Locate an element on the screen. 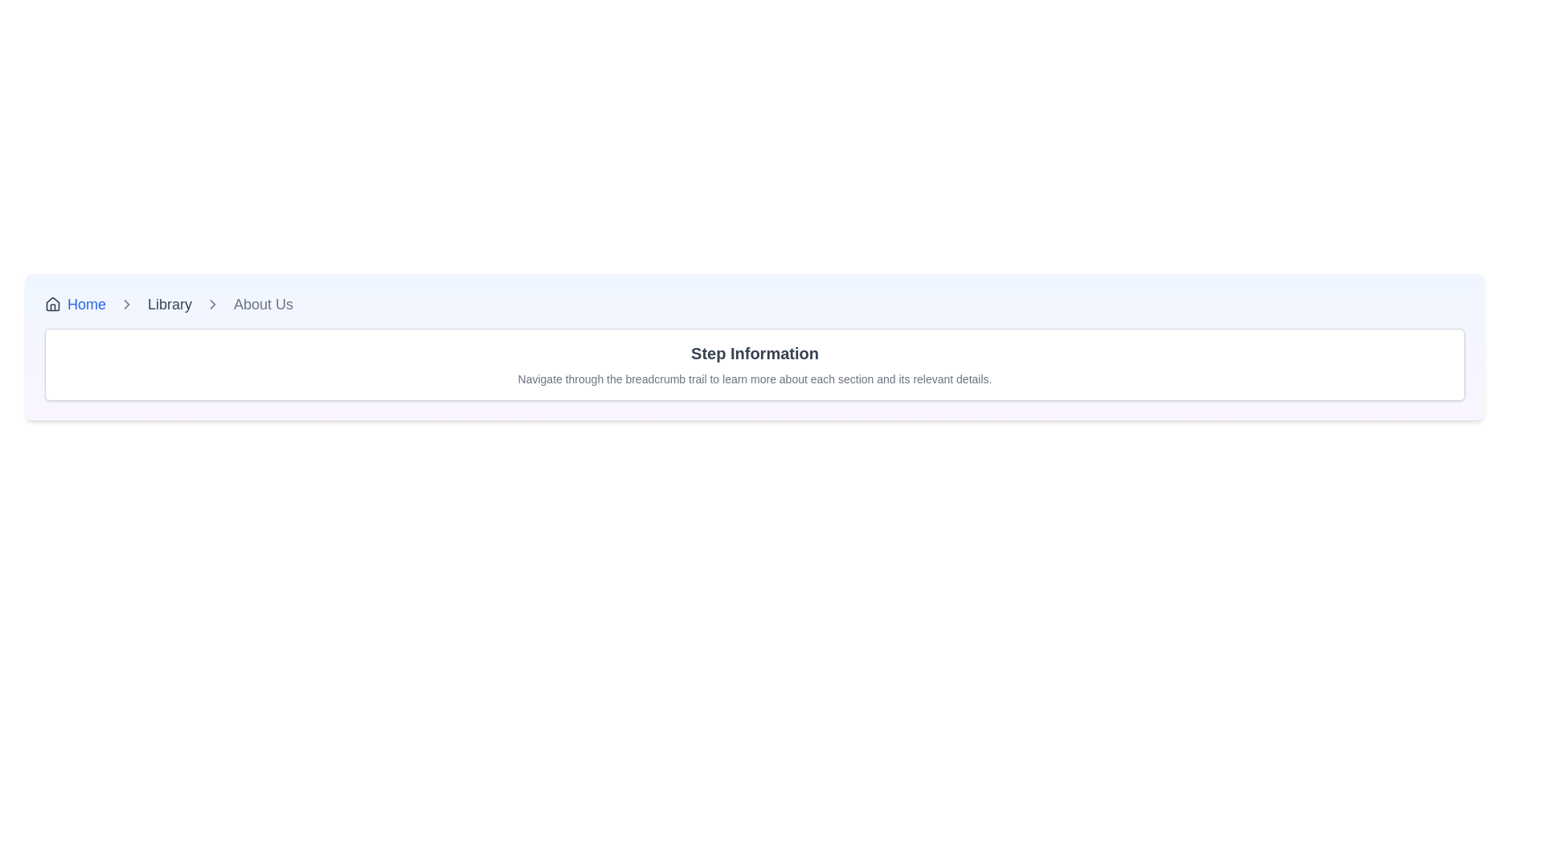 Image resolution: width=1543 pixels, height=868 pixels. the 'Home' hyperlink located at the leftmost position in the breadcrumb navigation bar is located at coordinates (75, 304).